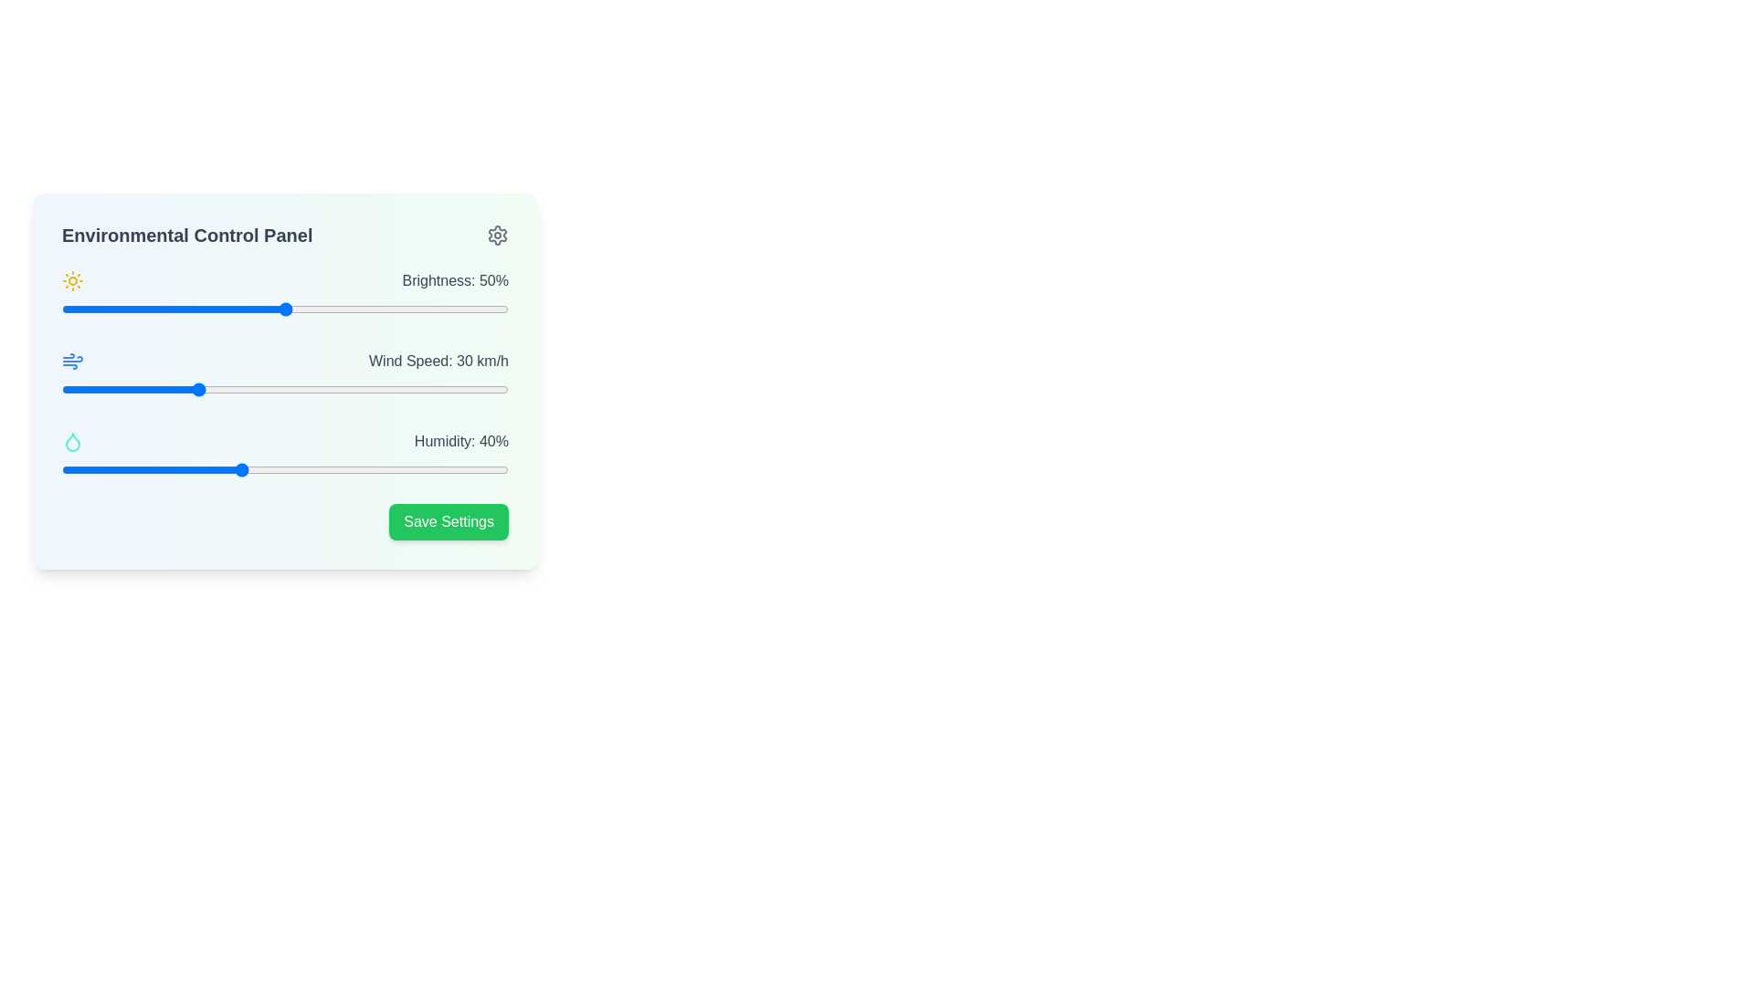 The image size is (1754, 986). Describe the element at coordinates (253, 389) in the screenshot. I see `the wind speed` at that location.